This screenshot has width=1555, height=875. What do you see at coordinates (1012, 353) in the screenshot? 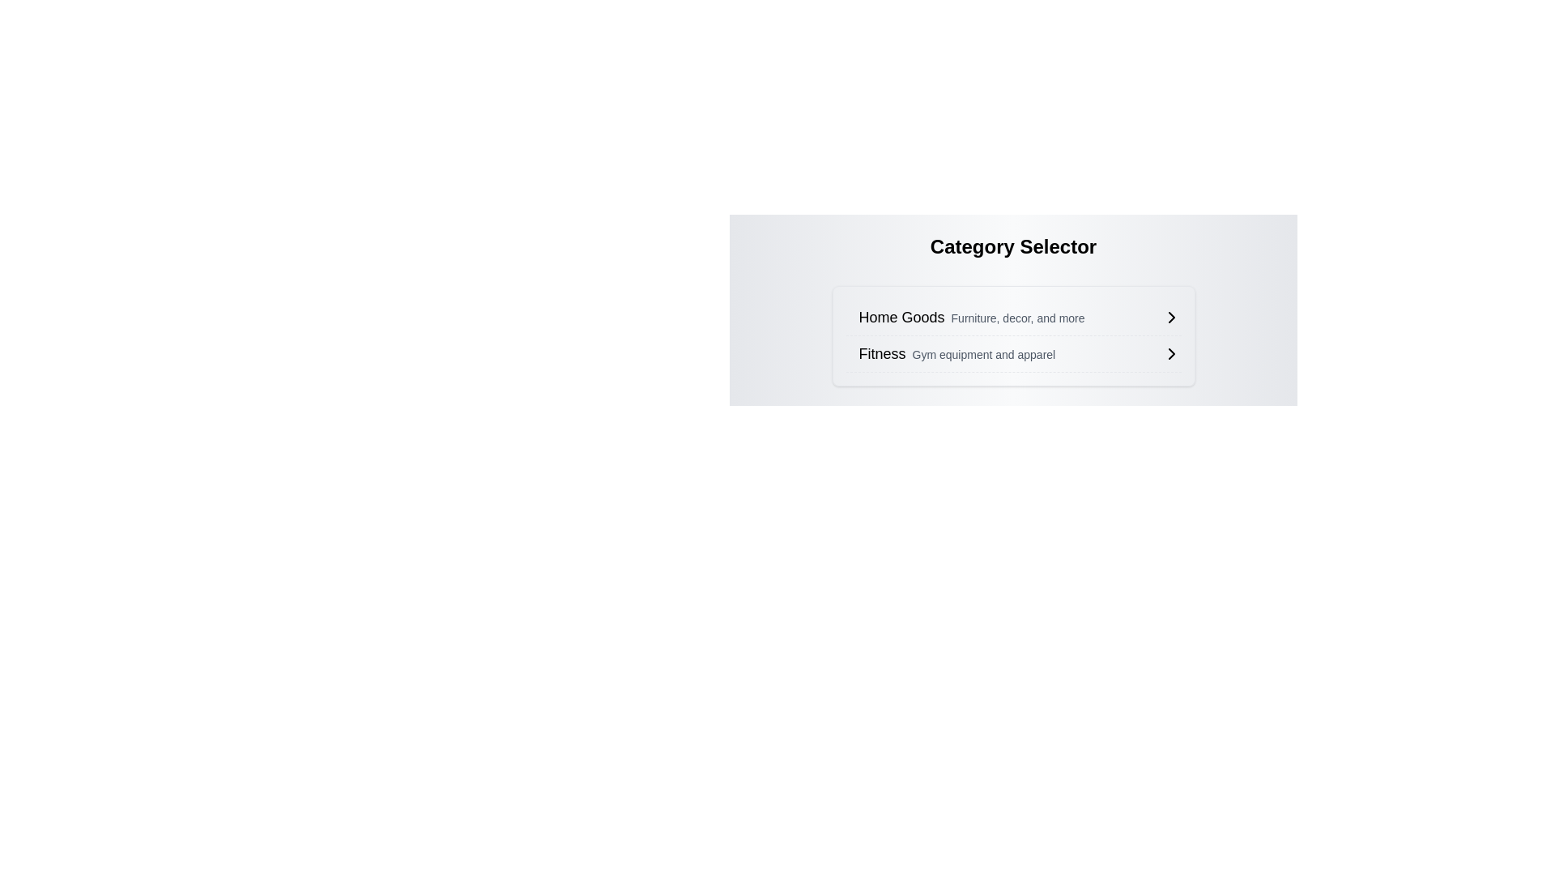
I see `the second item in the 'Category Selector' list, titled 'Fitness', which includes a bold title and a right-pointing chevron icon` at bounding box center [1012, 353].